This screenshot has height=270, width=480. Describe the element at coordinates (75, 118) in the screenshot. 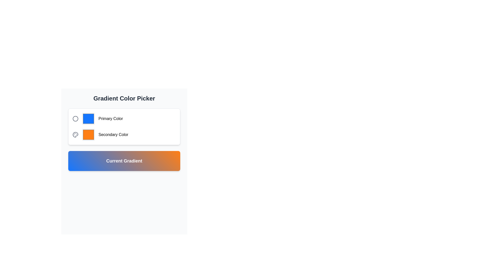

I see `the decorative icon representing the 'Primary Color' option in the gradient color picker interface, located adjacent to the blue color preview box` at that location.